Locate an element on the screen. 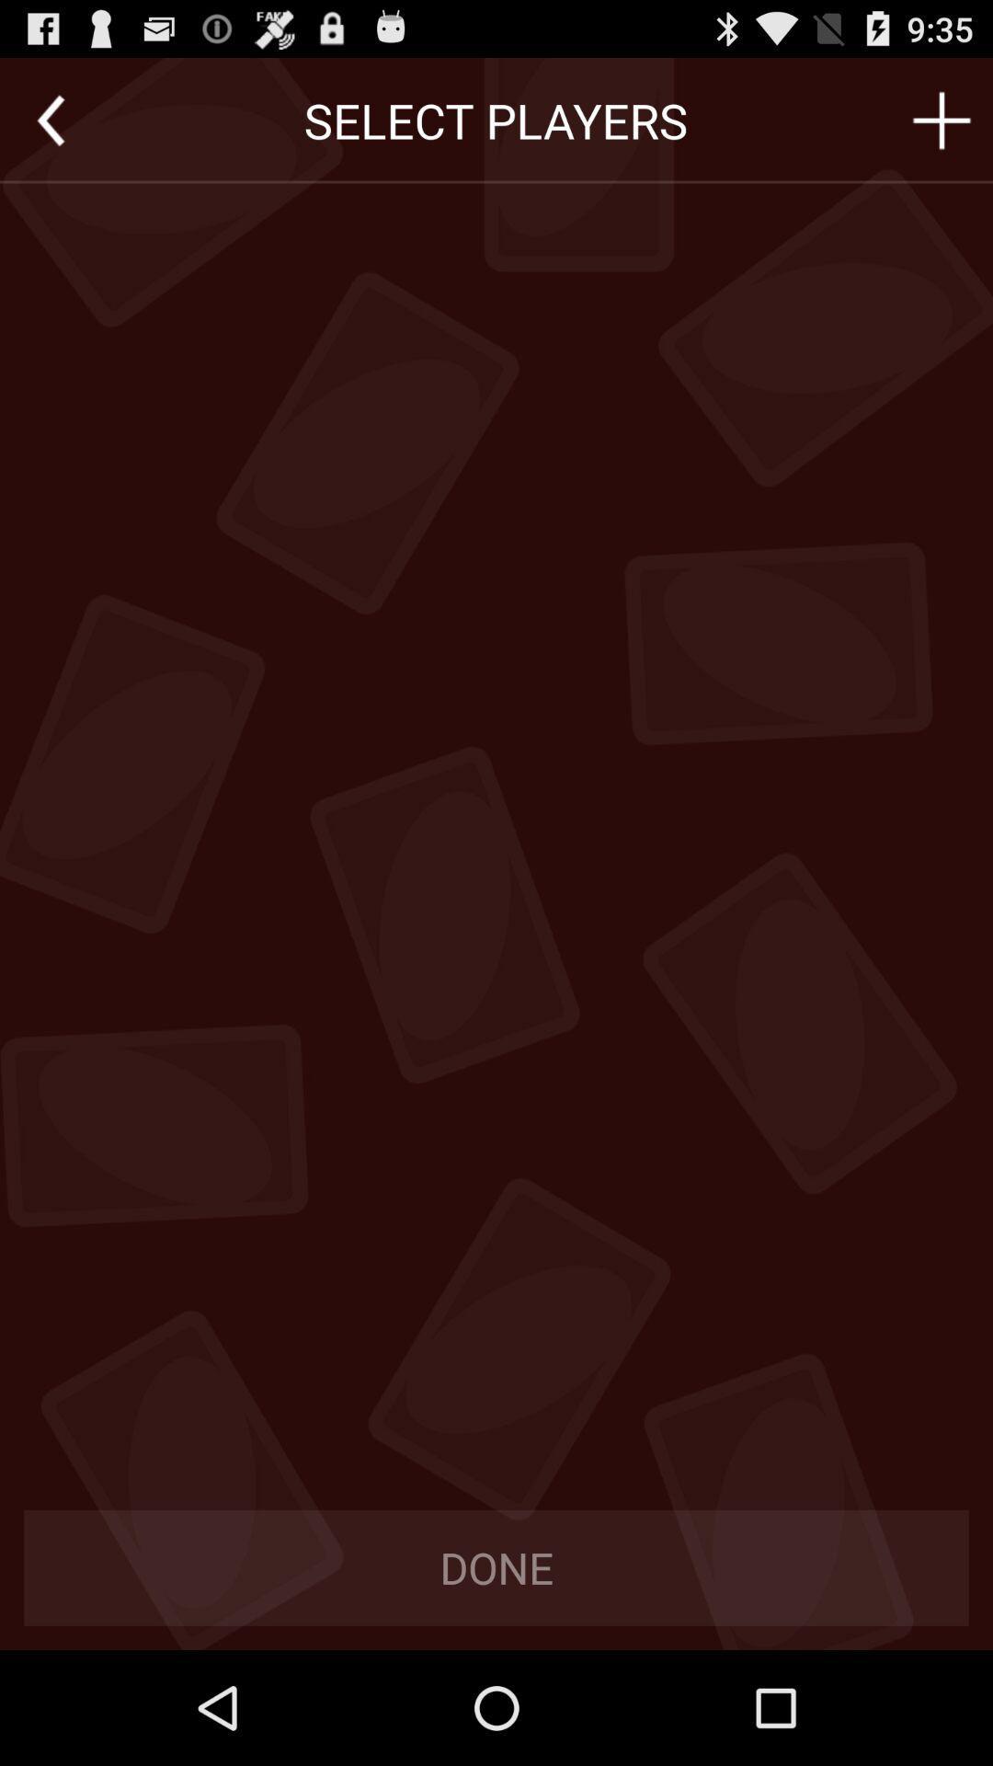  the arrow_backward icon is located at coordinates (50, 128).